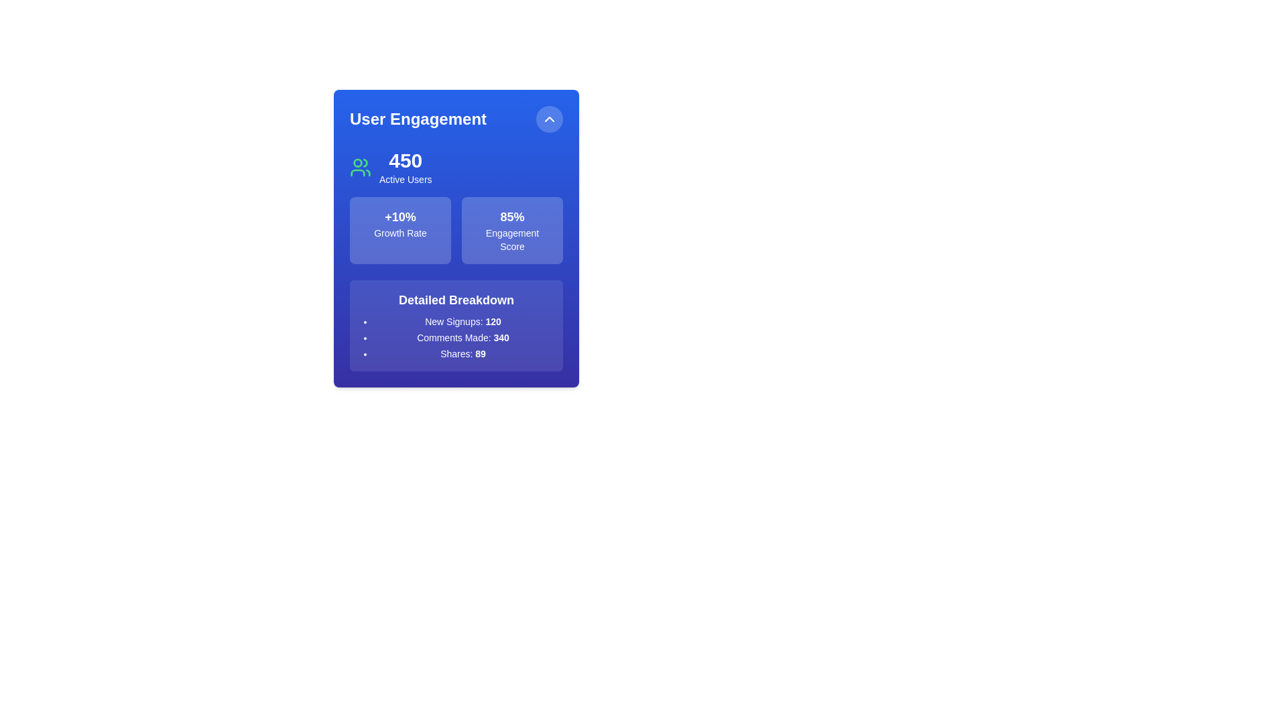 Image resolution: width=1287 pixels, height=724 pixels. What do you see at coordinates (357, 162) in the screenshot?
I see `the circle graphic detail within the icon that represents active users, located near the text 'Active Users'` at bounding box center [357, 162].